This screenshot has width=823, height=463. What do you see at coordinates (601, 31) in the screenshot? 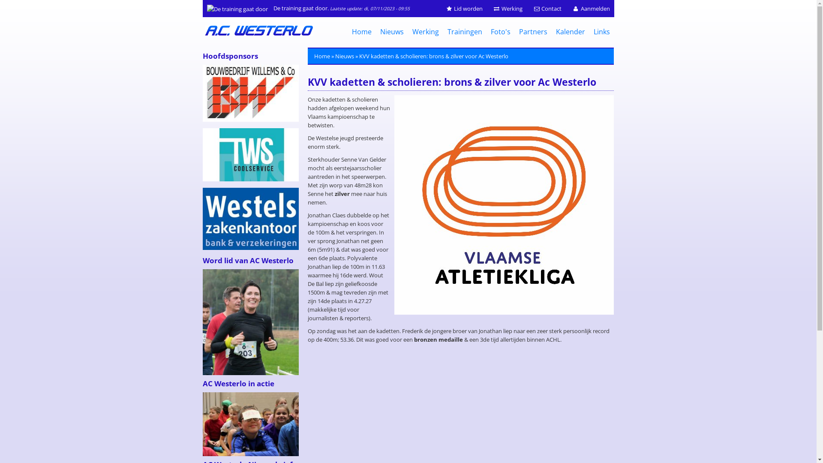
I see `'Links'` at bounding box center [601, 31].